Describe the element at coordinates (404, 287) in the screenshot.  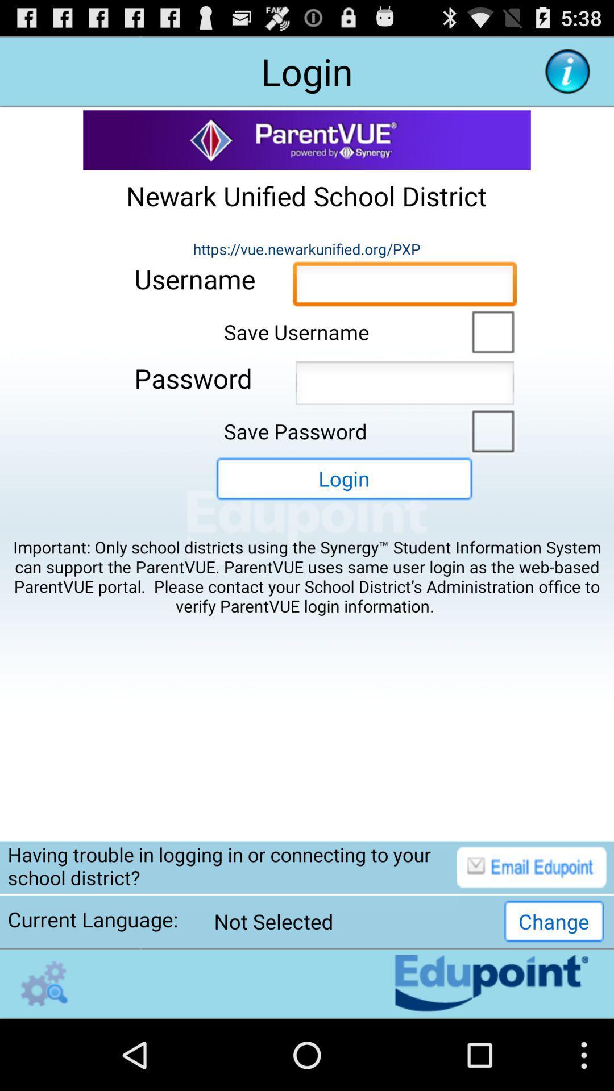
I see `username` at that location.